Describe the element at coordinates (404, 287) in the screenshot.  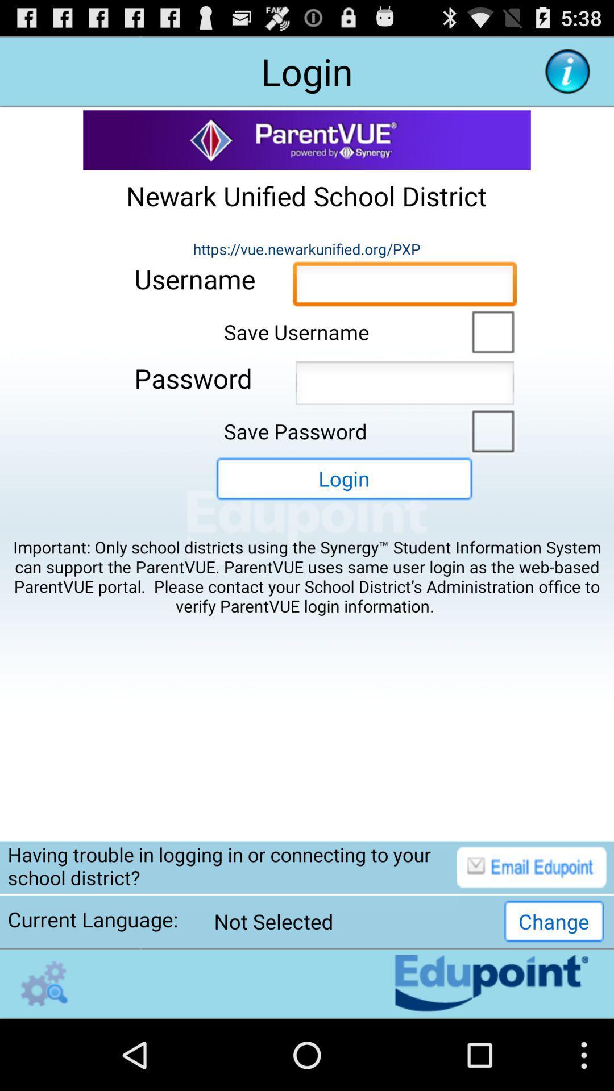
I see `username` at that location.